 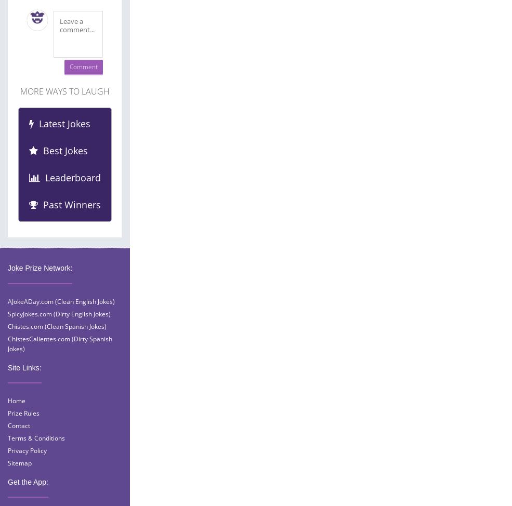 What do you see at coordinates (20, 91) in the screenshot?
I see `'MORE WAYS TO LAUGH'` at bounding box center [20, 91].